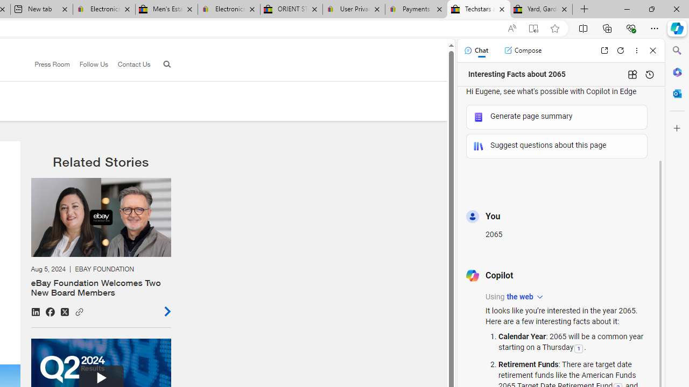 The image size is (689, 387). What do you see at coordinates (129, 64) in the screenshot?
I see `'Contact Us'` at bounding box center [129, 64].